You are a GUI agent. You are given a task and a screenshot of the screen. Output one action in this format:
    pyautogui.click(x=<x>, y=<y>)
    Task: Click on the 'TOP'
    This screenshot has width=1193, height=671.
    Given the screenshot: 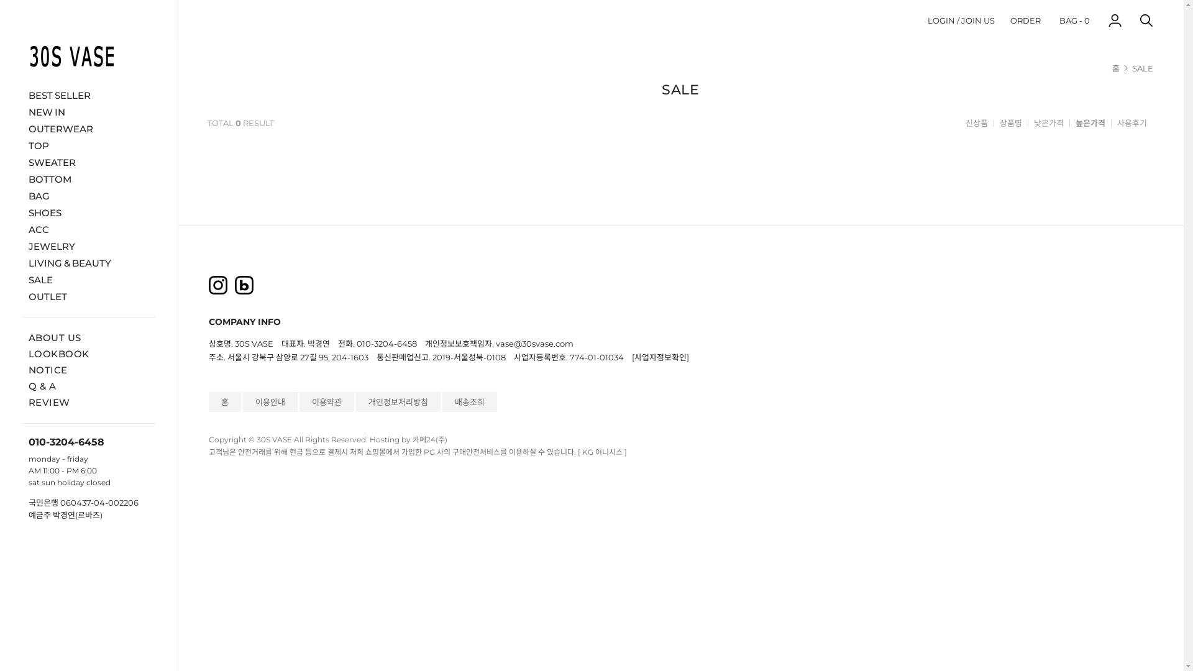 What is the action you would take?
    pyautogui.click(x=88, y=144)
    